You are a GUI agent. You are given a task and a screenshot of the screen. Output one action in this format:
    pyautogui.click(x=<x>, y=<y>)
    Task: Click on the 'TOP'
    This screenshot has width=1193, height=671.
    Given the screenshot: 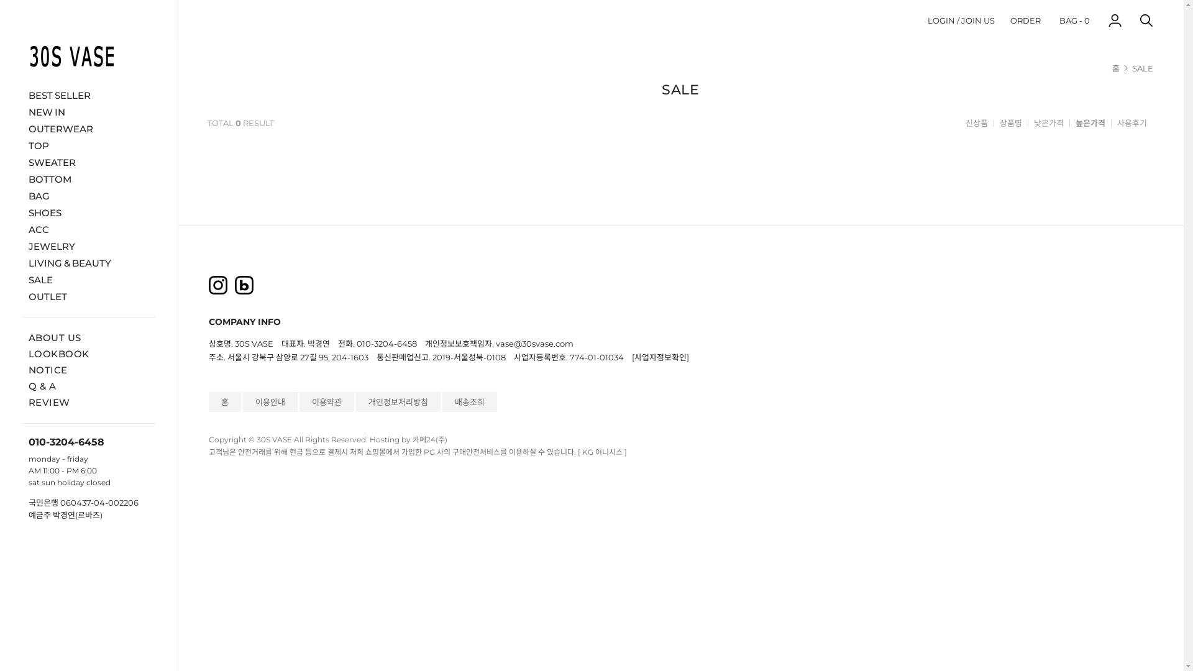 What is the action you would take?
    pyautogui.click(x=88, y=144)
    